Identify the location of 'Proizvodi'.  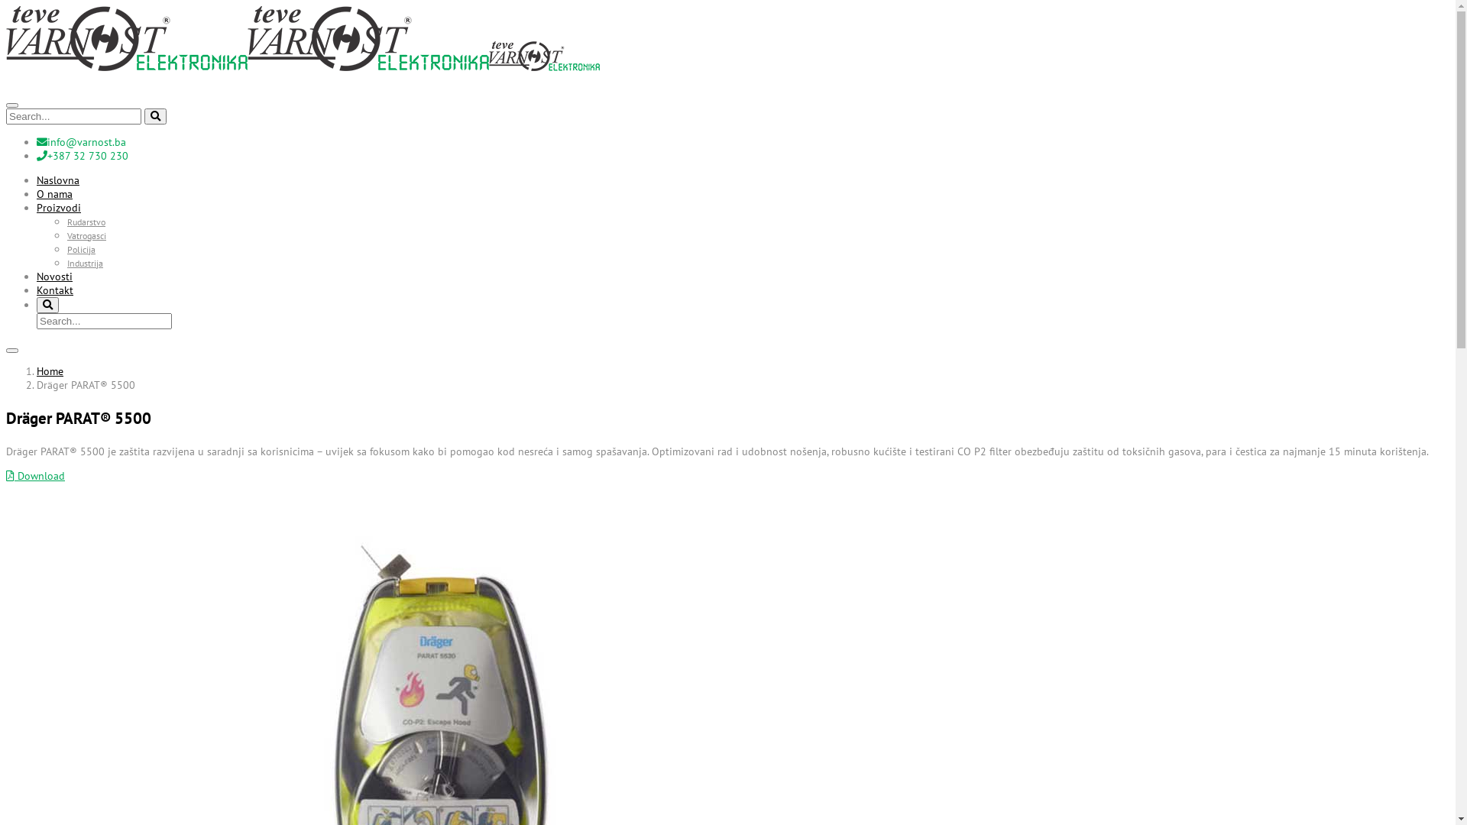
(58, 206).